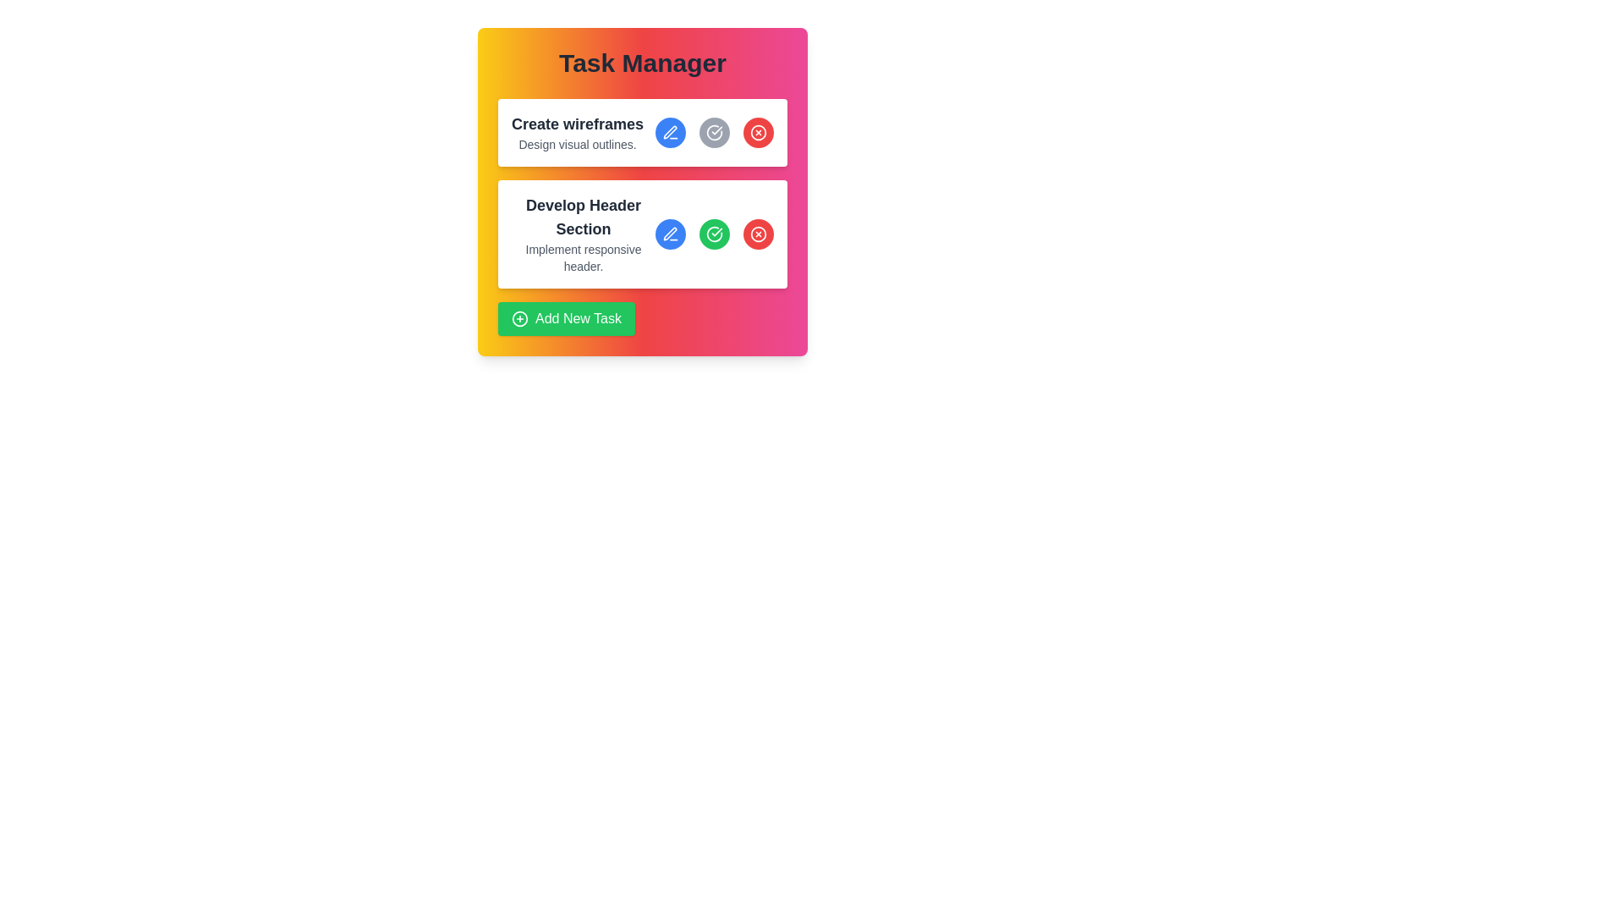 The image size is (1624, 914). Describe the element at coordinates (669, 234) in the screenshot. I see `the pen icon located in the second task card titled 'Develop Header Section' to initiate editing the task details` at that location.